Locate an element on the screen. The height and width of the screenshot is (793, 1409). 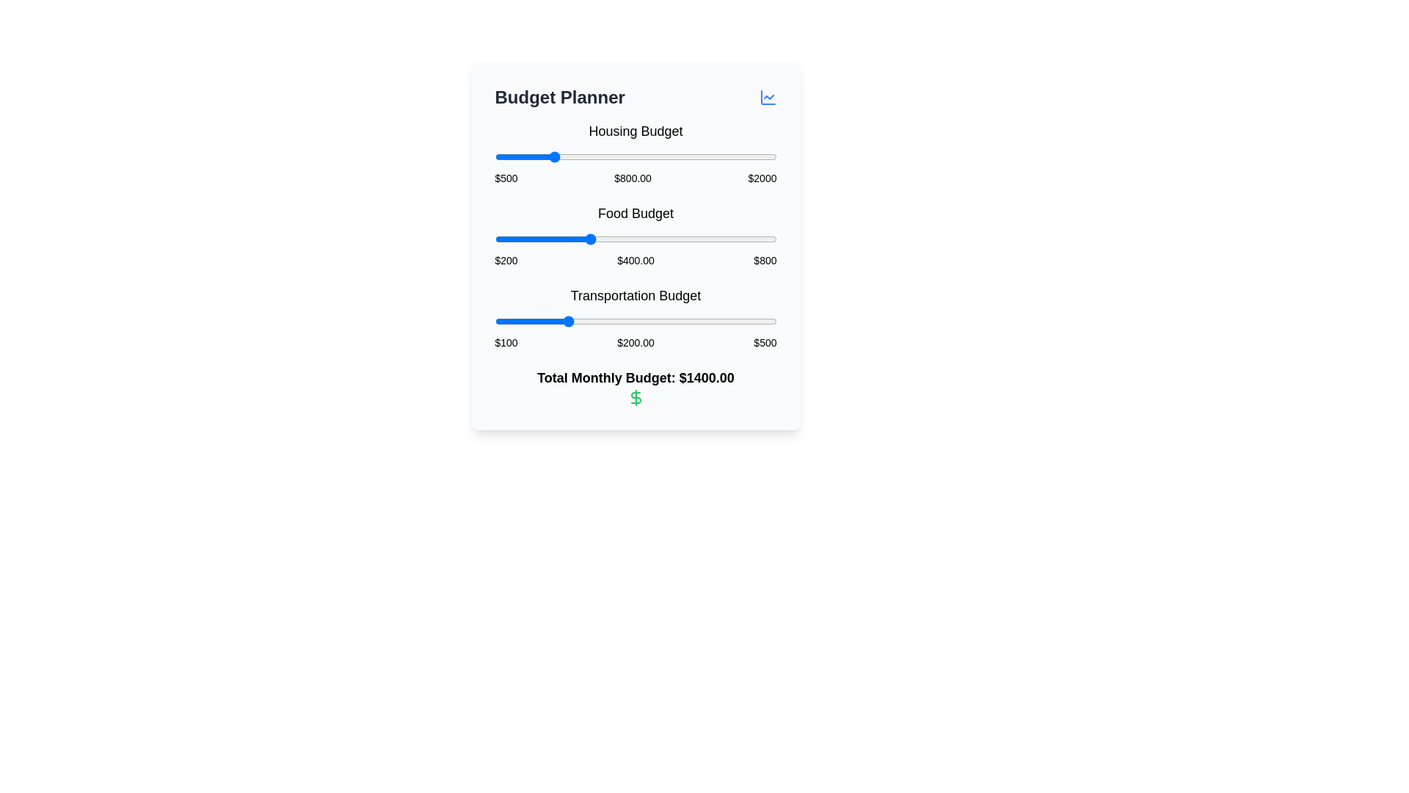
the static text label displaying the amount '$200.00', which is located between '$100' and '$500' under the Transportation Budget slider is located at coordinates (636, 342).